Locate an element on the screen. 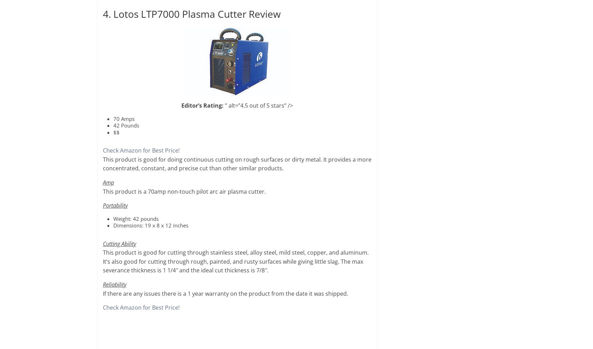 The width and height of the screenshot is (593, 349). '42 Pounds' is located at coordinates (126, 125).